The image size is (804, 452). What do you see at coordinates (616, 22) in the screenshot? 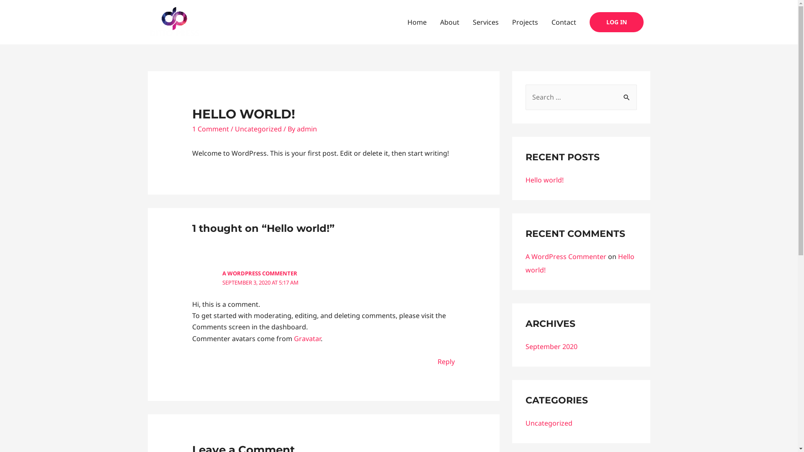
I see `'LOG IN'` at bounding box center [616, 22].